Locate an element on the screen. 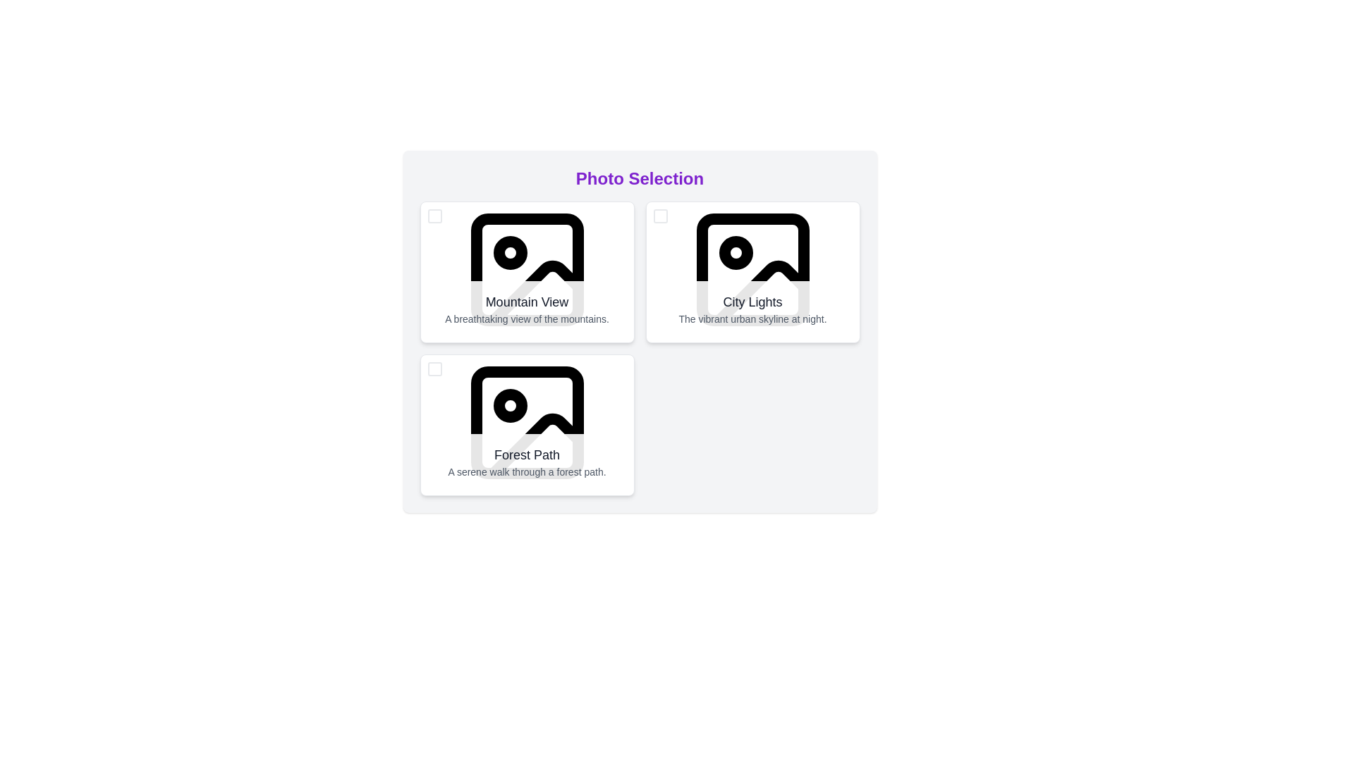 This screenshot has height=761, width=1354. the 'Mountain View' interactive card located in the top-left region of the grid layout is located at coordinates (526, 269).